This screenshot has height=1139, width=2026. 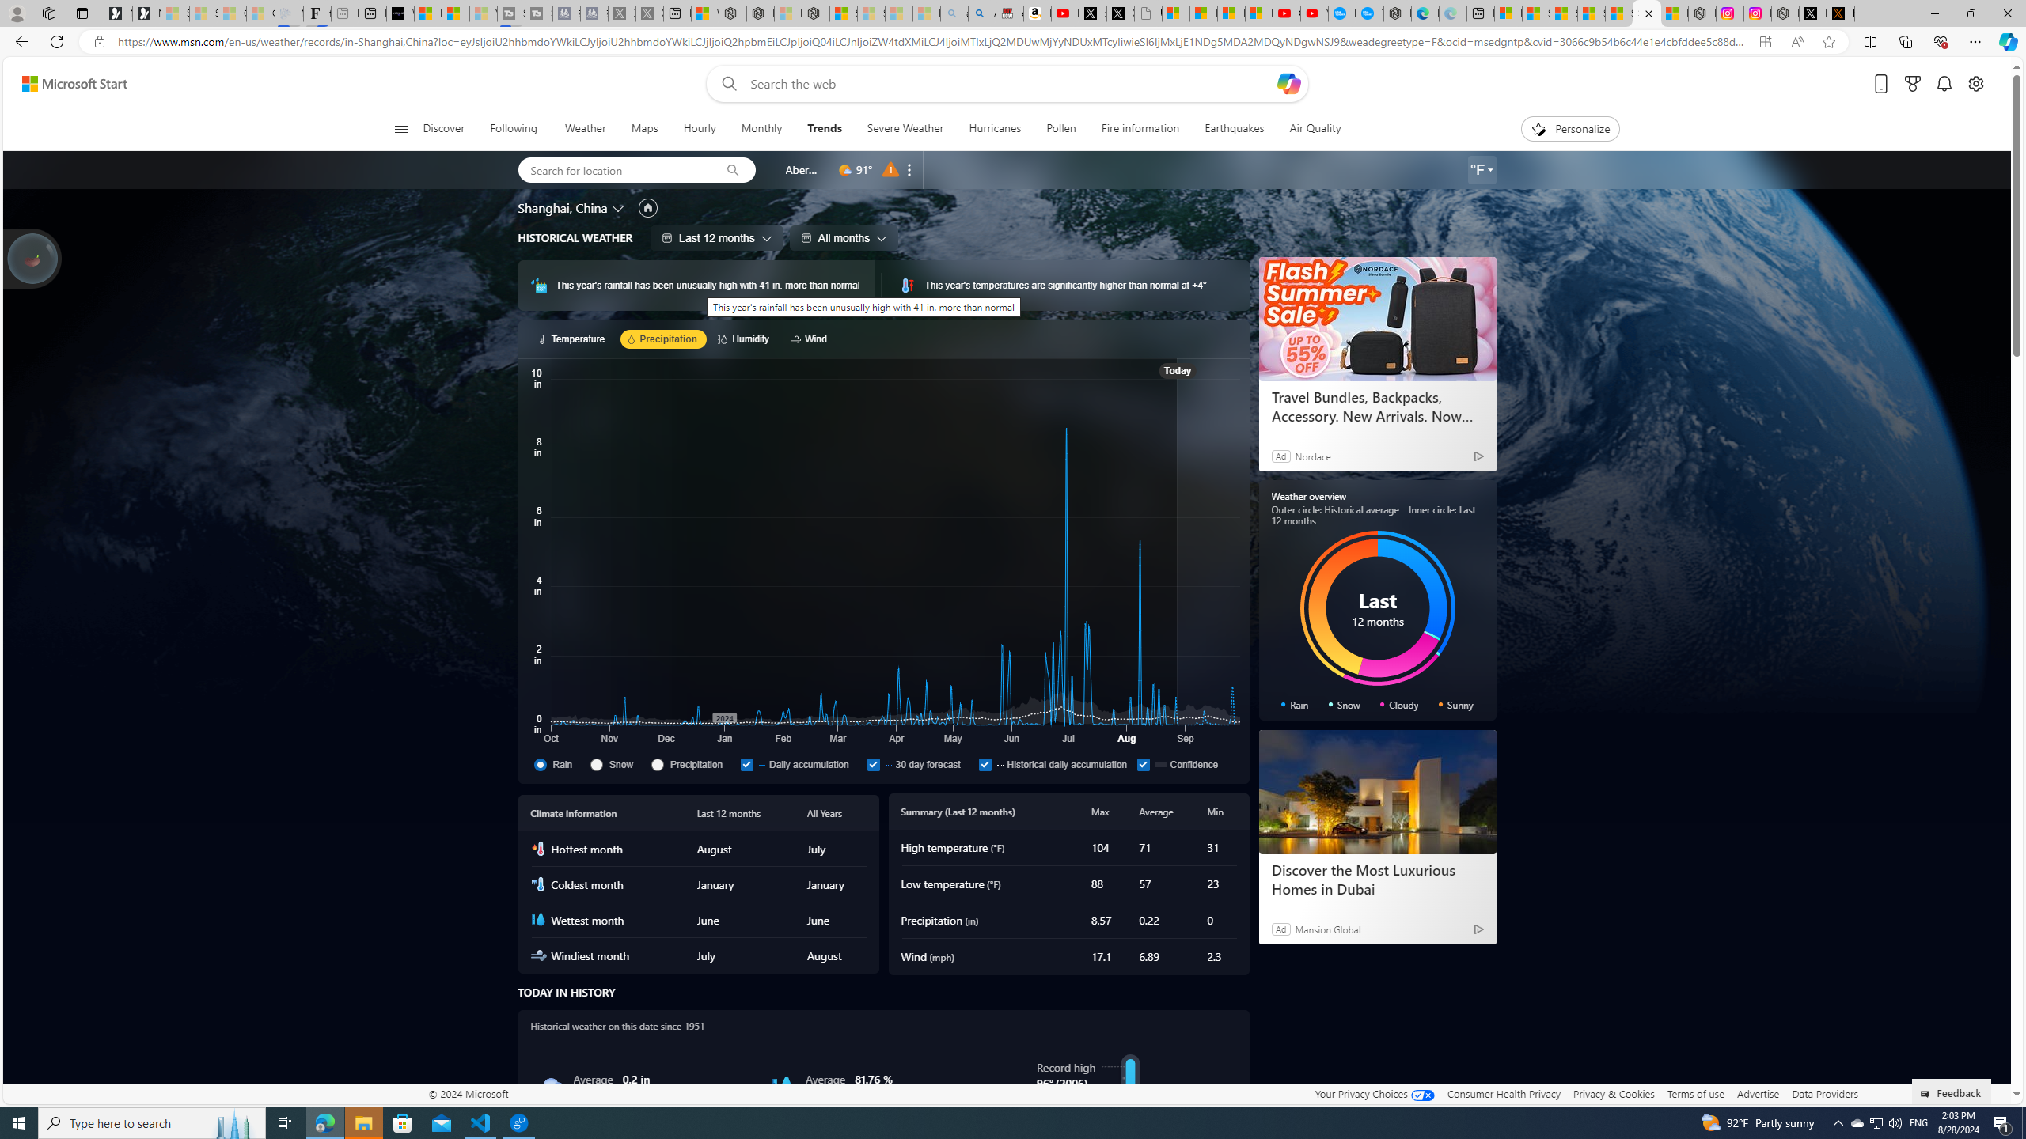 What do you see at coordinates (64, 82) in the screenshot?
I see `'Skip to footer'` at bounding box center [64, 82].